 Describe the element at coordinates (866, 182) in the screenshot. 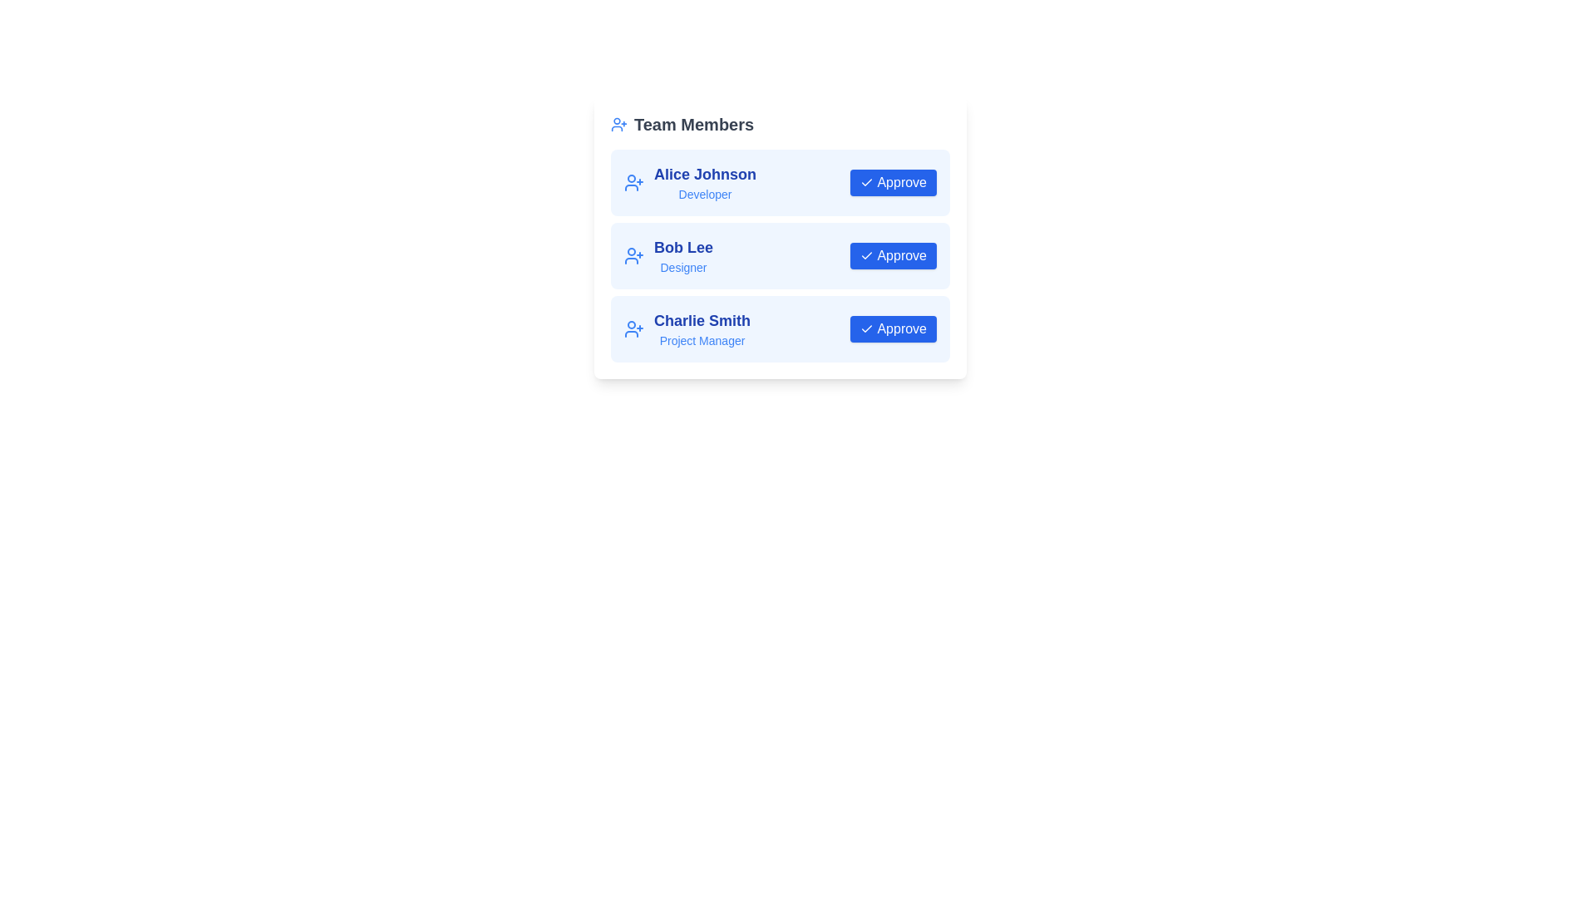

I see `the checkmark icon, which is a small white checkmark outlined against a blue background, located on the far-left side of the 'Approve' button, adjacent to the text 'Approve'` at that location.